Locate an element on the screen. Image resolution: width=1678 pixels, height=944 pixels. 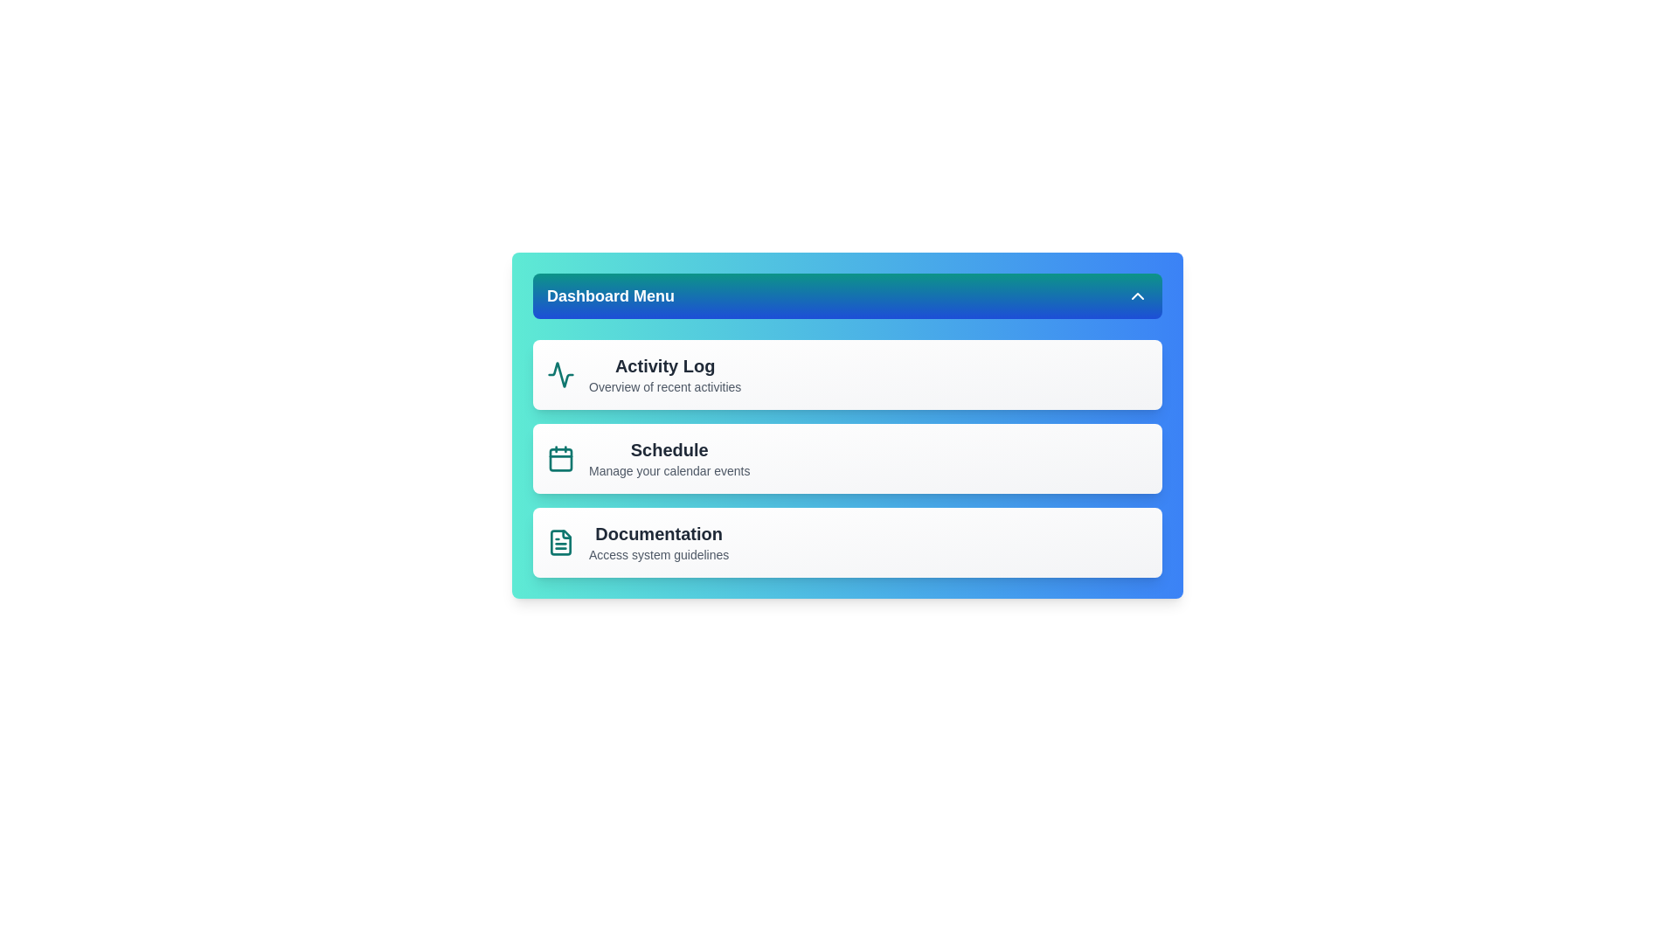
the dashboard item 'Documentation' to select it is located at coordinates (847, 542).